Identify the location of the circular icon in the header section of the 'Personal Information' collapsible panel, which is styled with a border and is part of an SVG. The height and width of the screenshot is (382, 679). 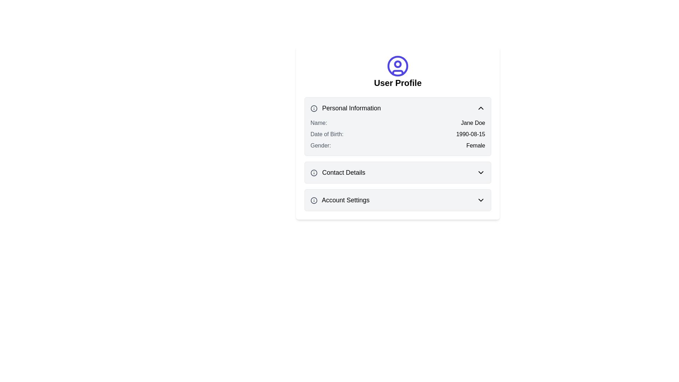
(314, 109).